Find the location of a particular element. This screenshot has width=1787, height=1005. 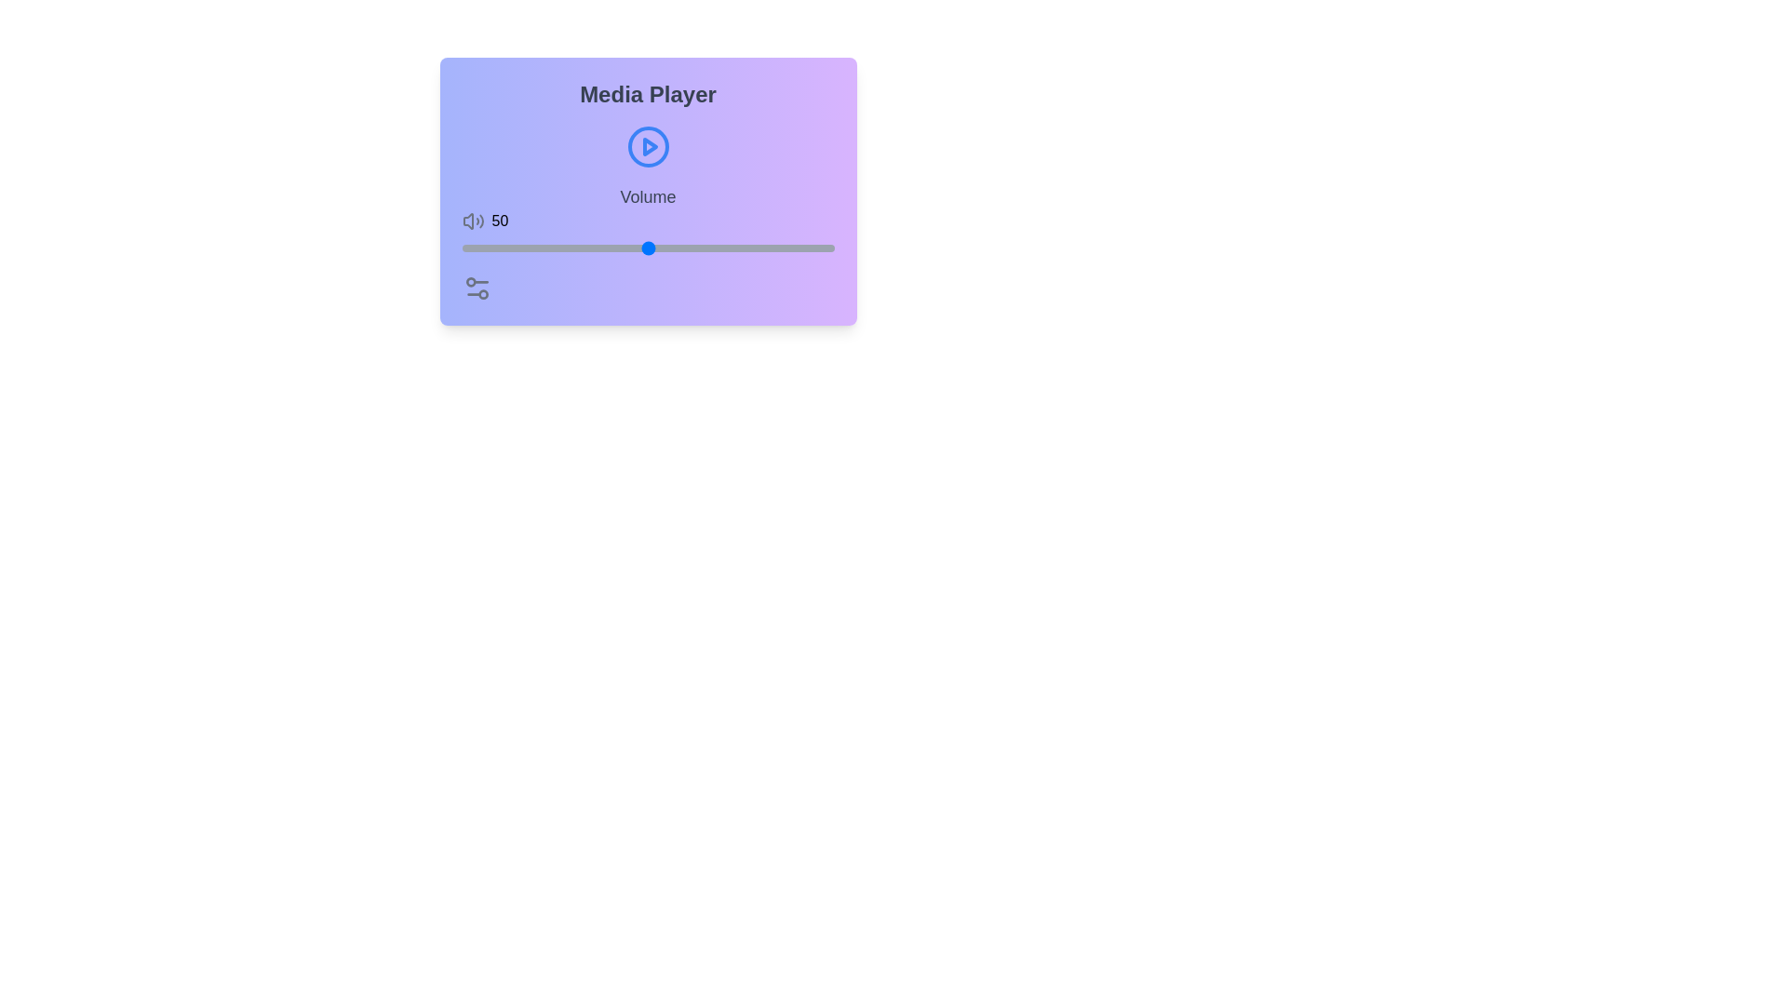

the circular play button located at the top center of the interface, which is adjacent to the 'Volume' label is located at coordinates (648, 146).